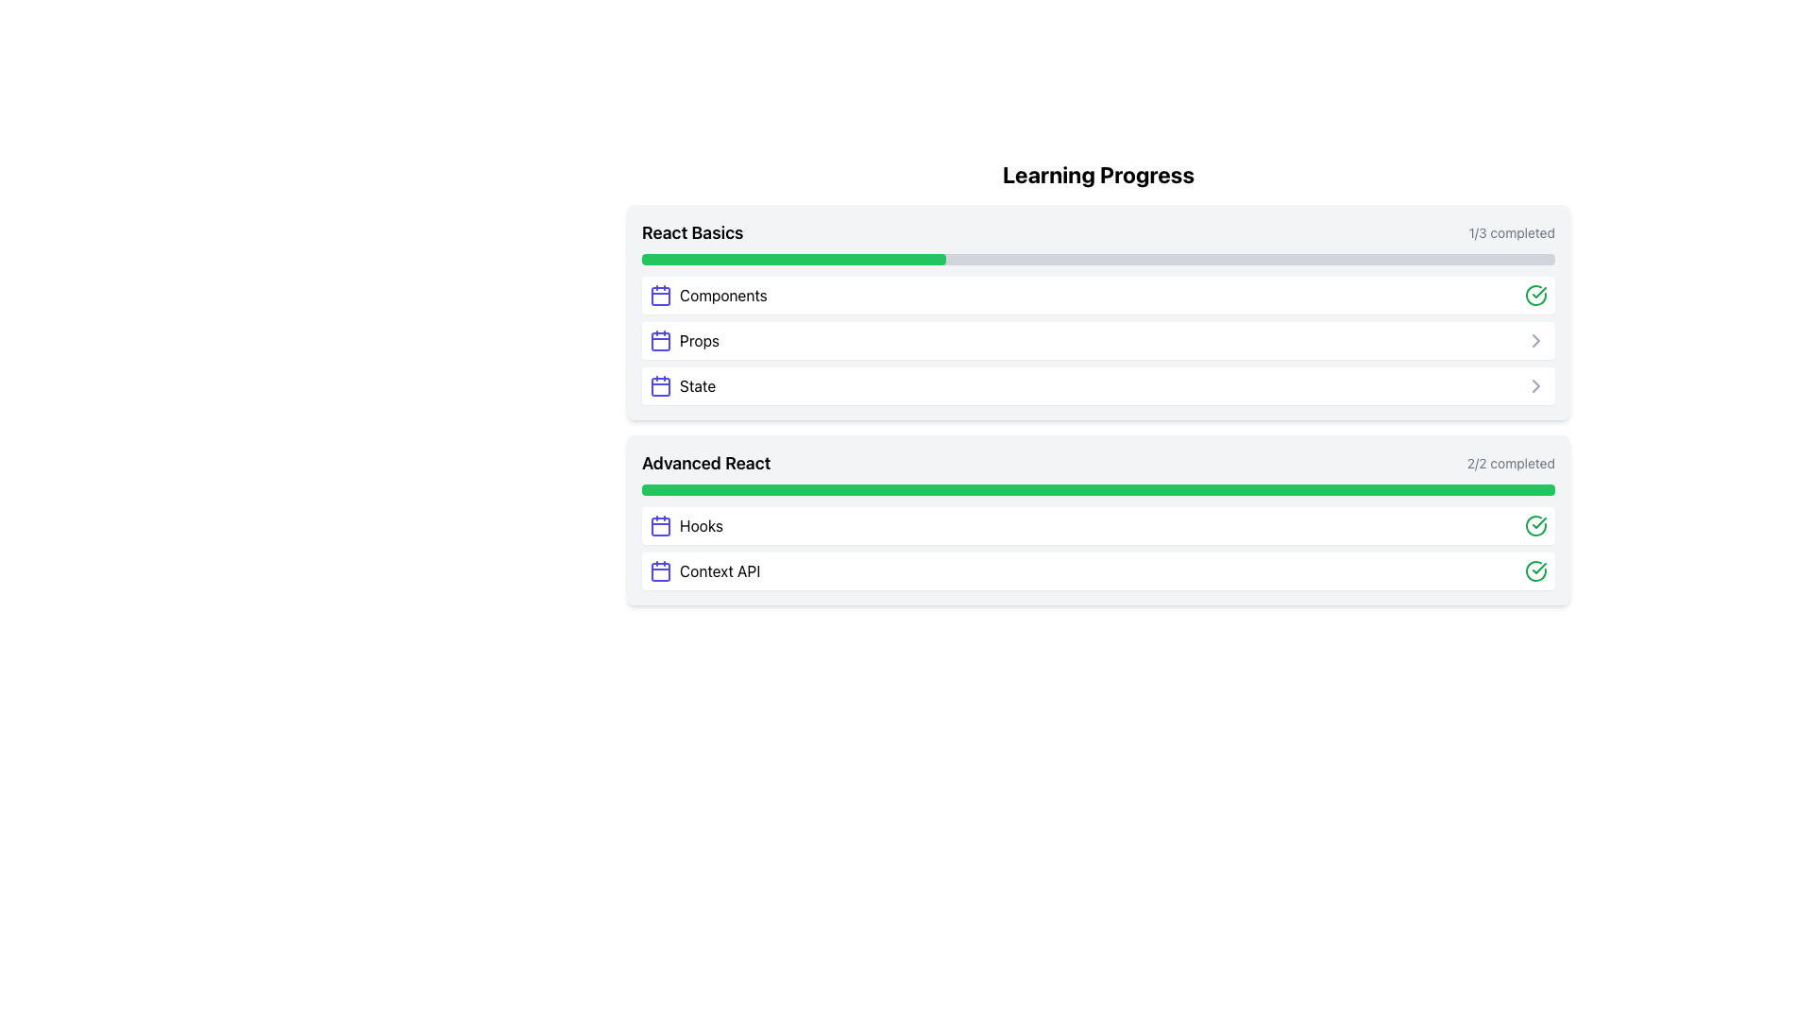 This screenshot has width=1813, height=1020. Describe the element at coordinates (661, 570) in the screenshot. I see `the design of the calendar icon located to the left of the 'Context API' text in the 'Advanced React' section` at that location.